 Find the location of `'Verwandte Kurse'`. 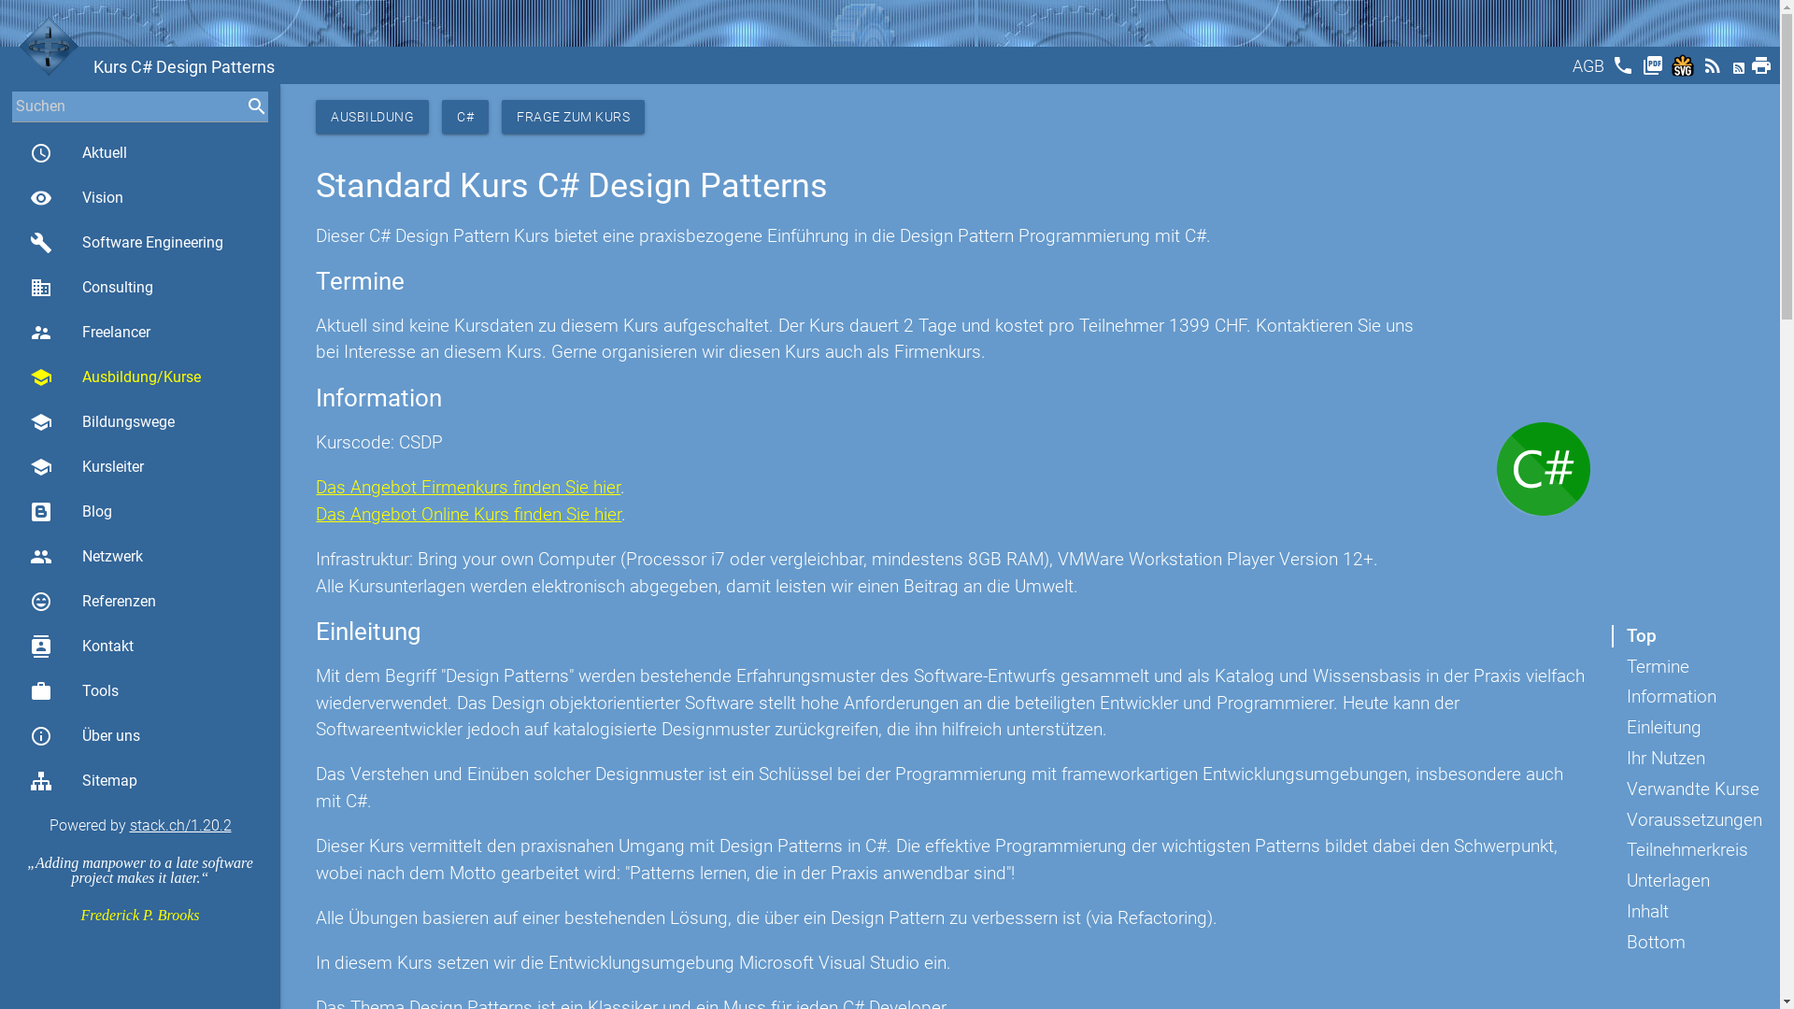

'Verwandte Kurse' is located at coordinates (1686, 789).